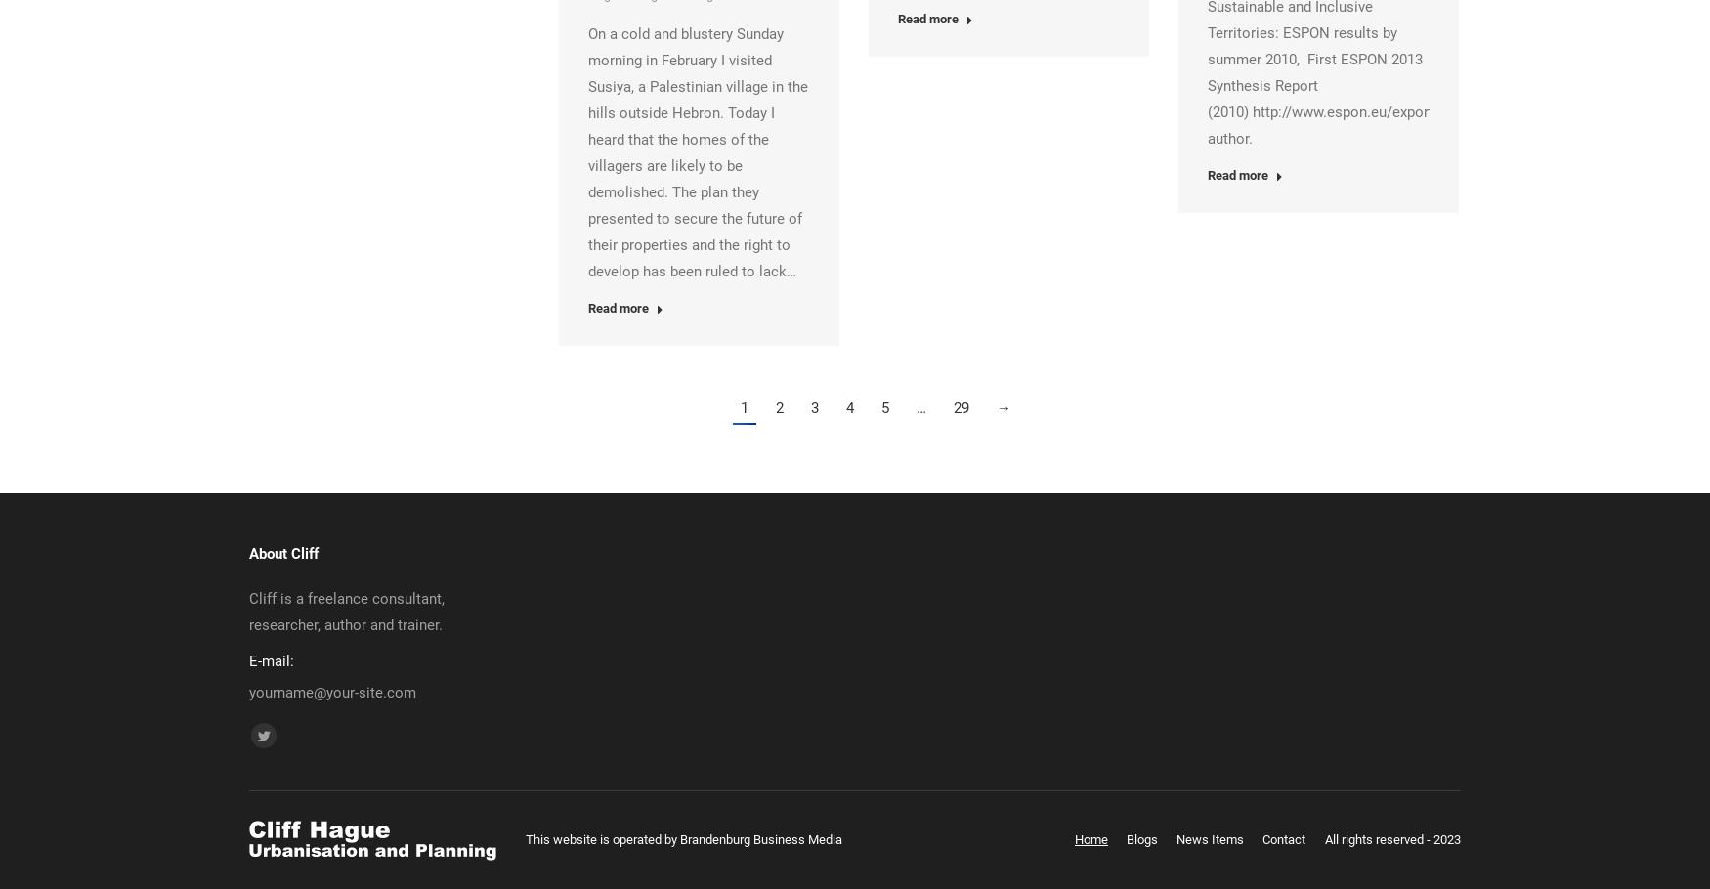 The height and width of the screenshot is (889, 1710). I want to click on 'Find us on:', so click(283, 733).